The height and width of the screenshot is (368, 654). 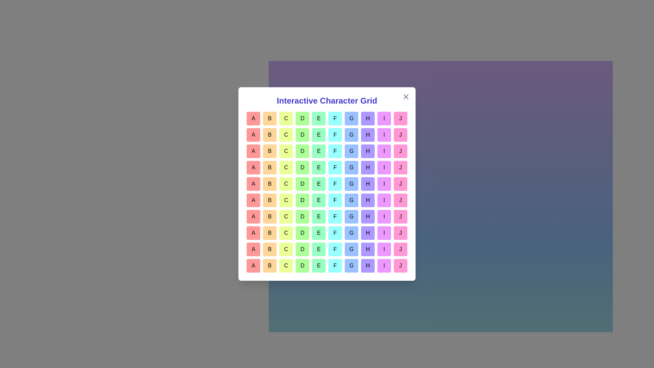 I want to click on the grid cell labeled I, so click(x=384, y=118).